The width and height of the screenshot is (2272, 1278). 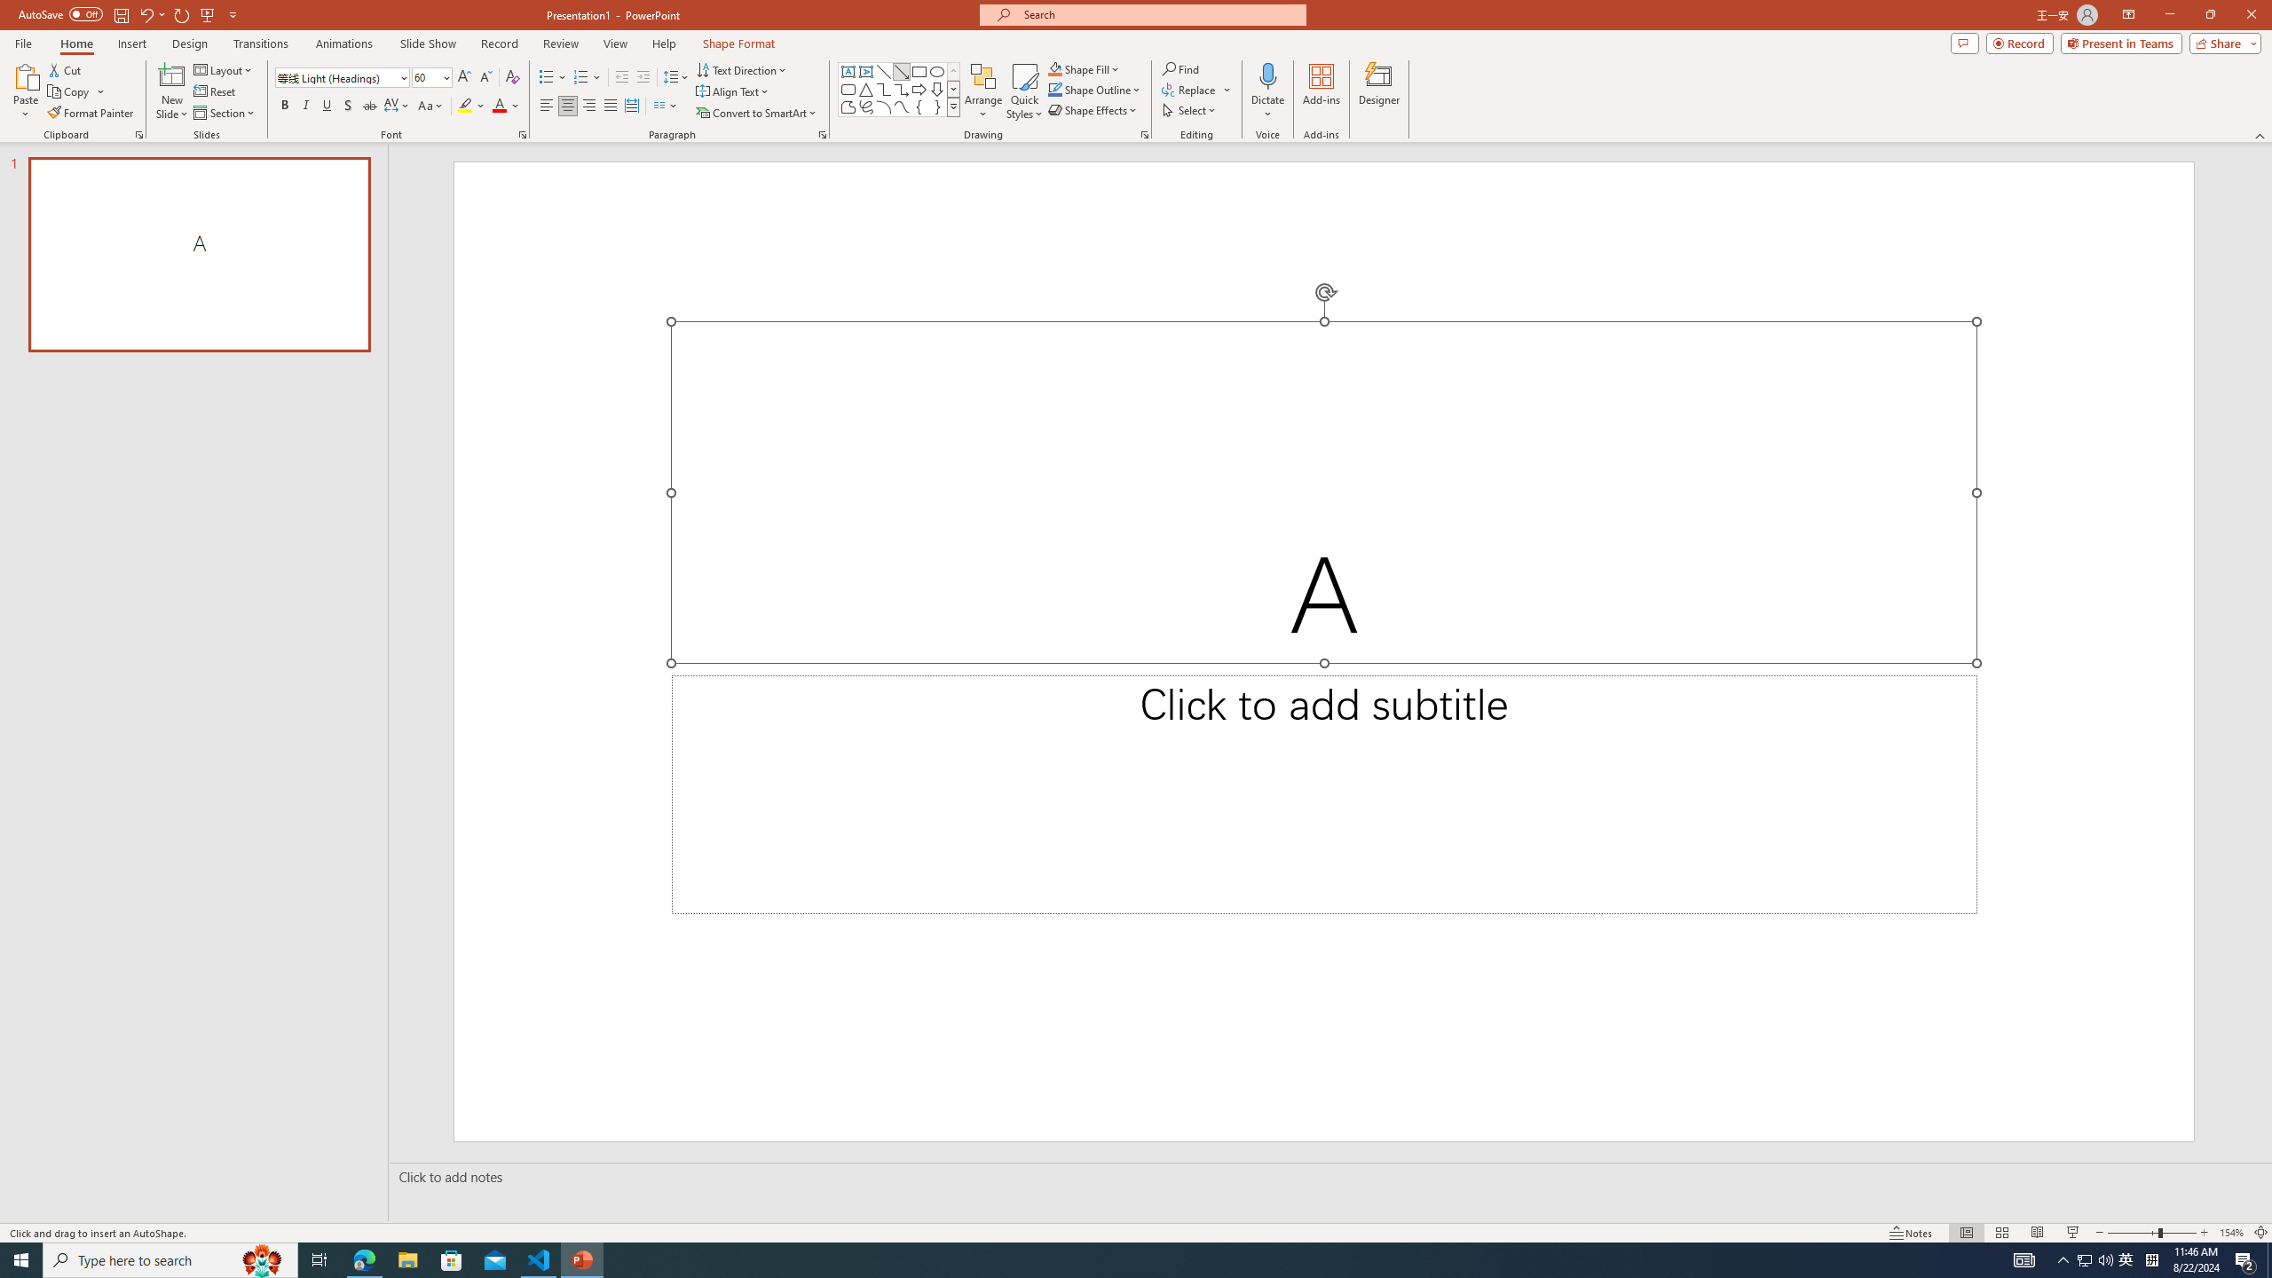 What do you see at coordinates (2232, 1233) in the screenshot?
I see `'Zoom 154%'` at bounding box center [2232, 1233].